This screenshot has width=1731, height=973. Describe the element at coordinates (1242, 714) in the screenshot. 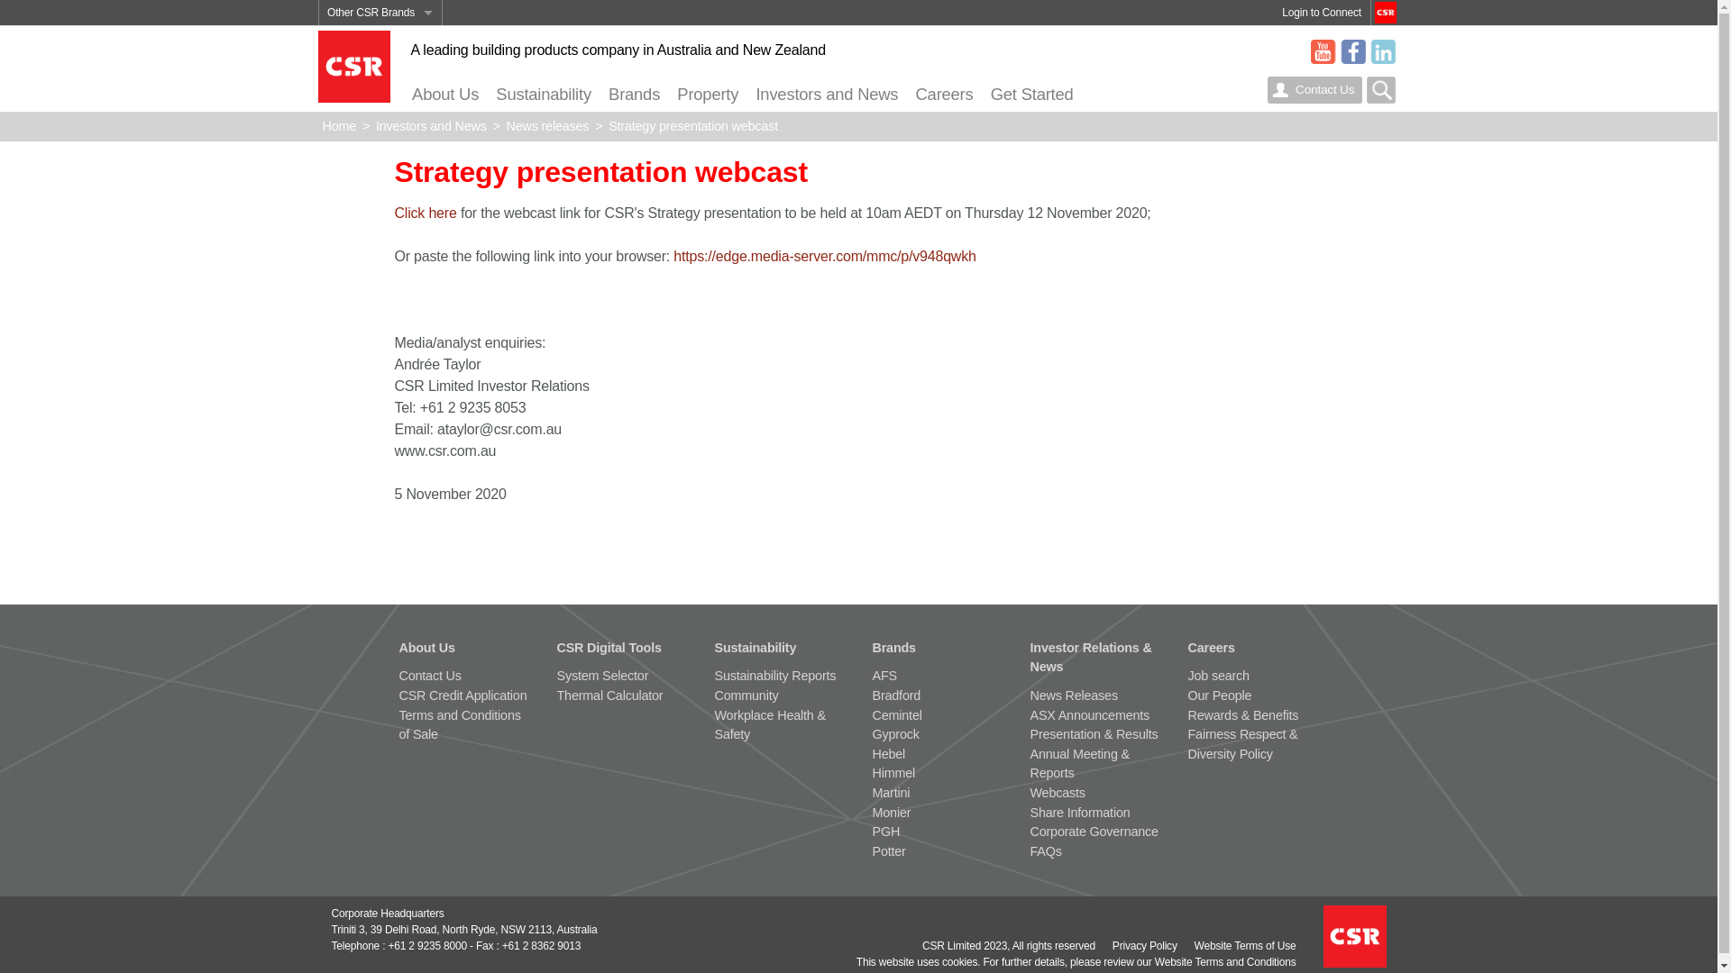

I see `'Rewards & Benefits'` at that location.